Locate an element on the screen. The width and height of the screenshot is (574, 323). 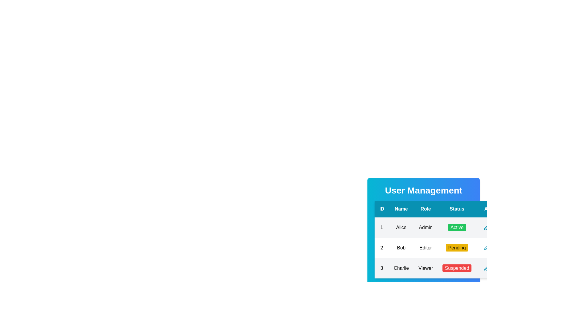
the text label displaying the name 'Charlie', which is located in the third row of the table under the 'Name' column is located at coordinates (401, 268).